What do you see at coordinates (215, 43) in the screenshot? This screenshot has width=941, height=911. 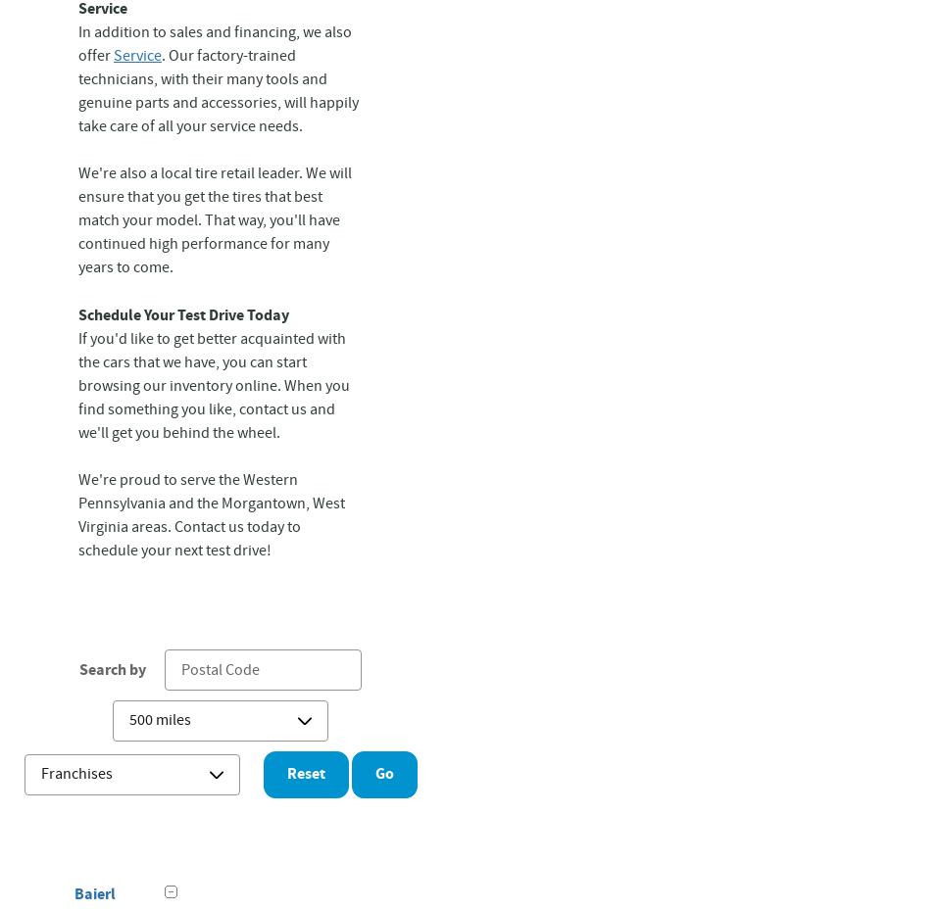 I see `'In addition to sales and financing, we also offer'` at bounding box center [215, 43].